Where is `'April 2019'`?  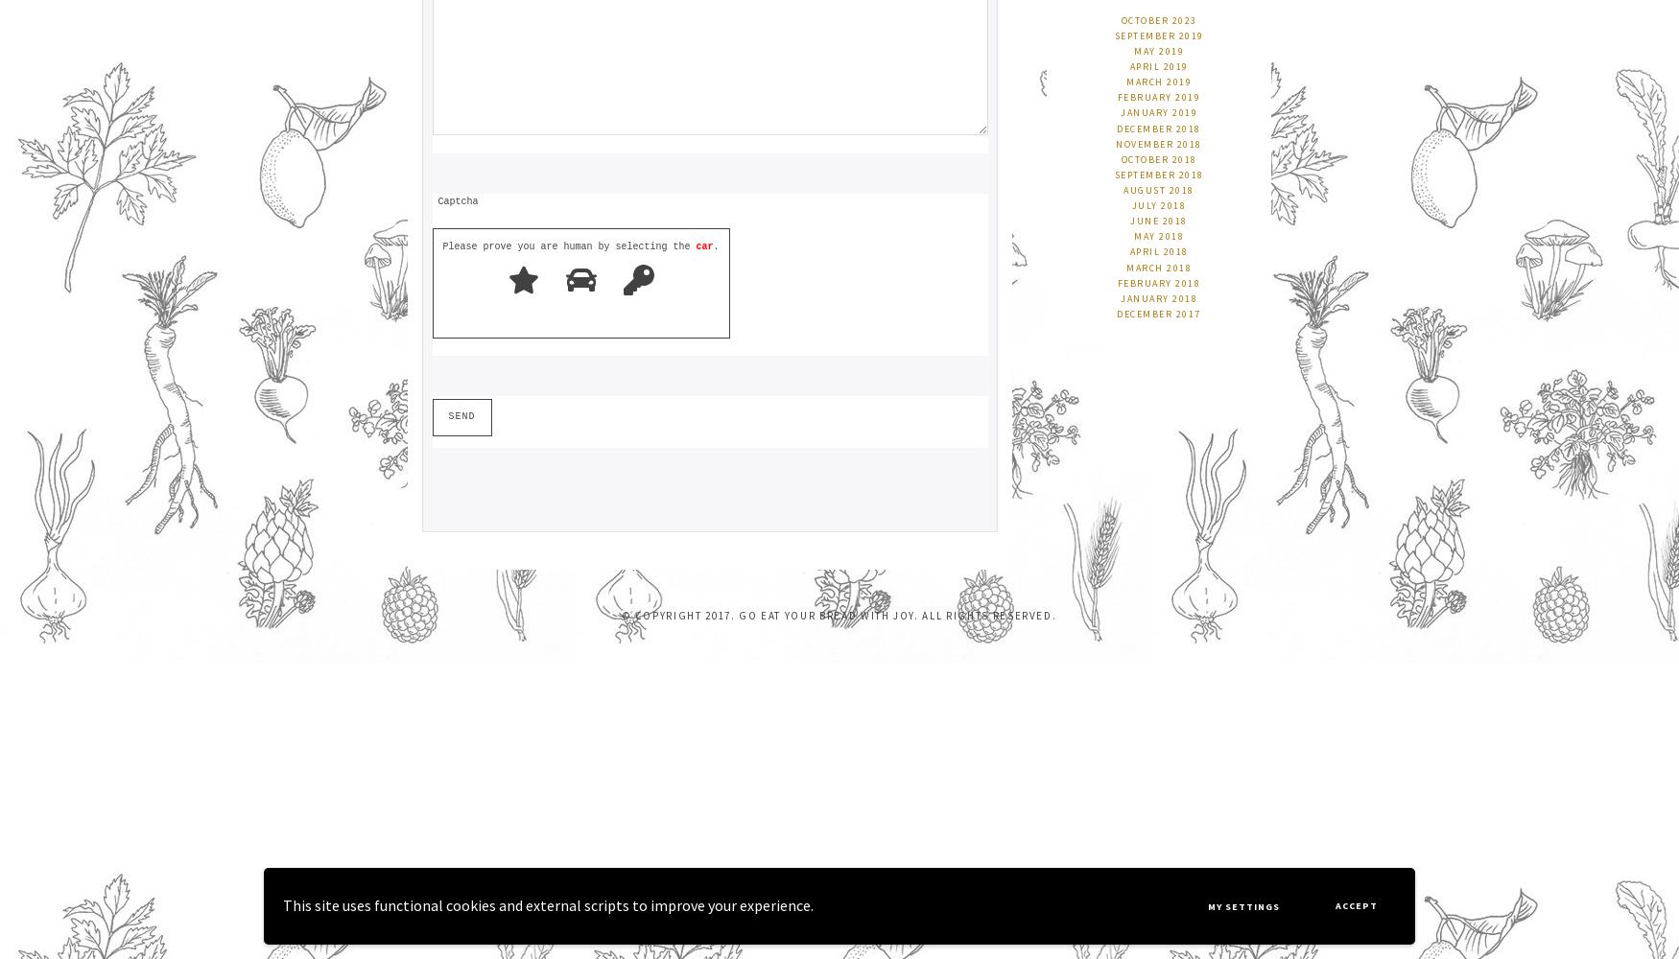
'April 2019' is located at coordinates (1158, 65).